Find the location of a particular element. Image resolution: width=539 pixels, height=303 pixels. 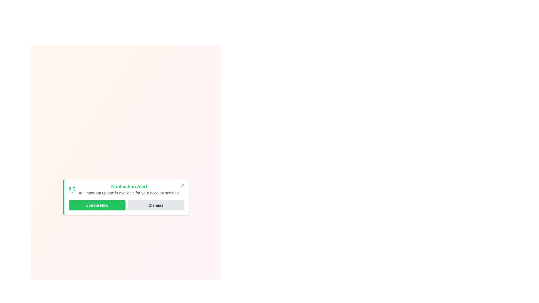

the 'Update Now' button is located at coordinates (97, 205).